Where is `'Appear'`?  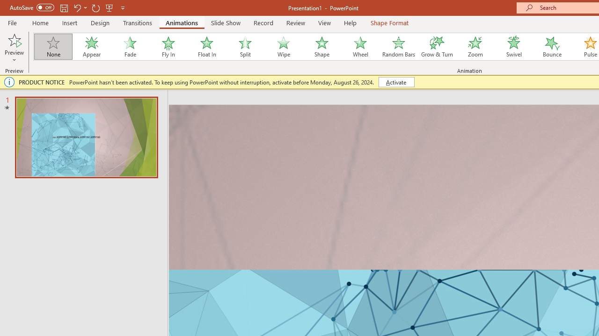
'Appear' is located at coordinates (91, 47).